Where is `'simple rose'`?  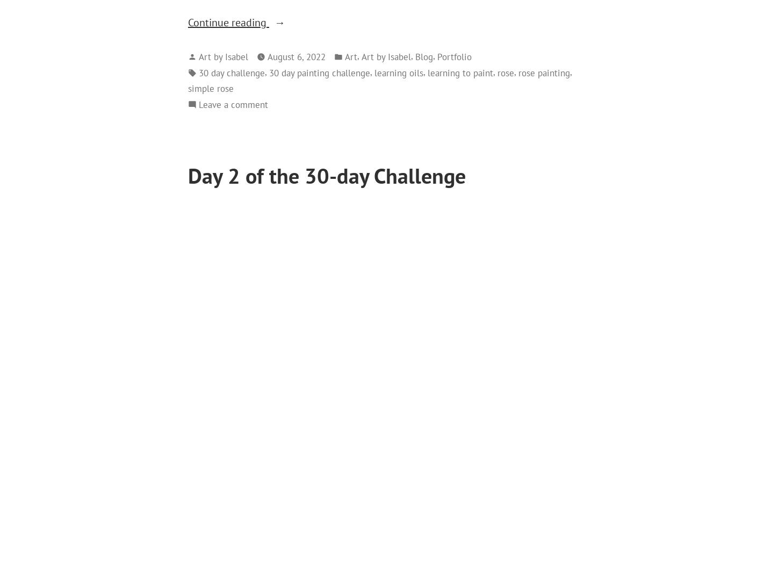 'simple rose' is located at coordinates (210, 88).